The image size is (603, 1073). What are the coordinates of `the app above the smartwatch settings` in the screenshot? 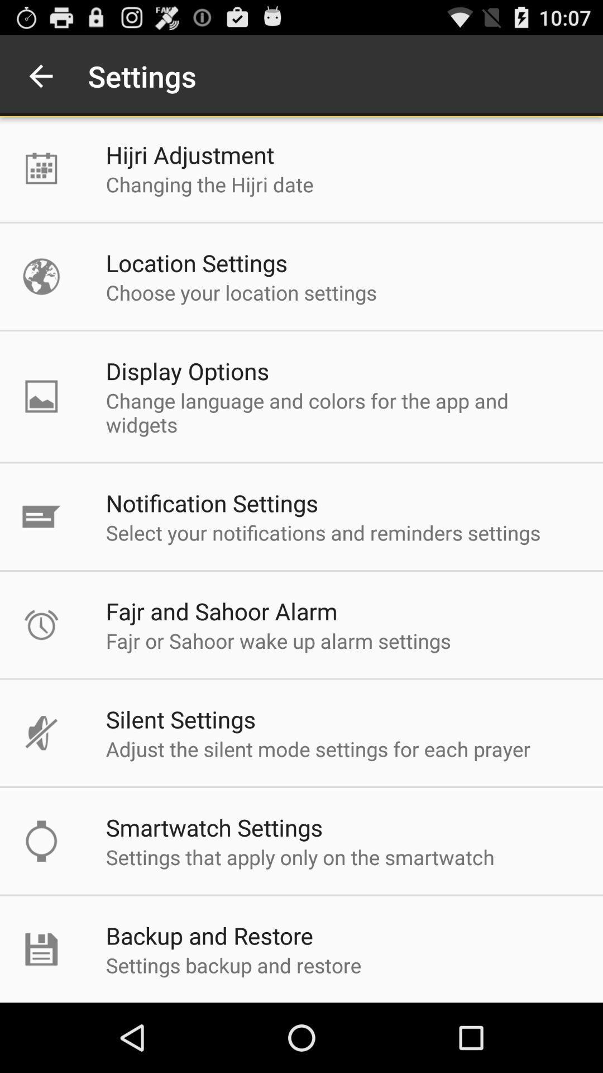 It's located at (318, 749).